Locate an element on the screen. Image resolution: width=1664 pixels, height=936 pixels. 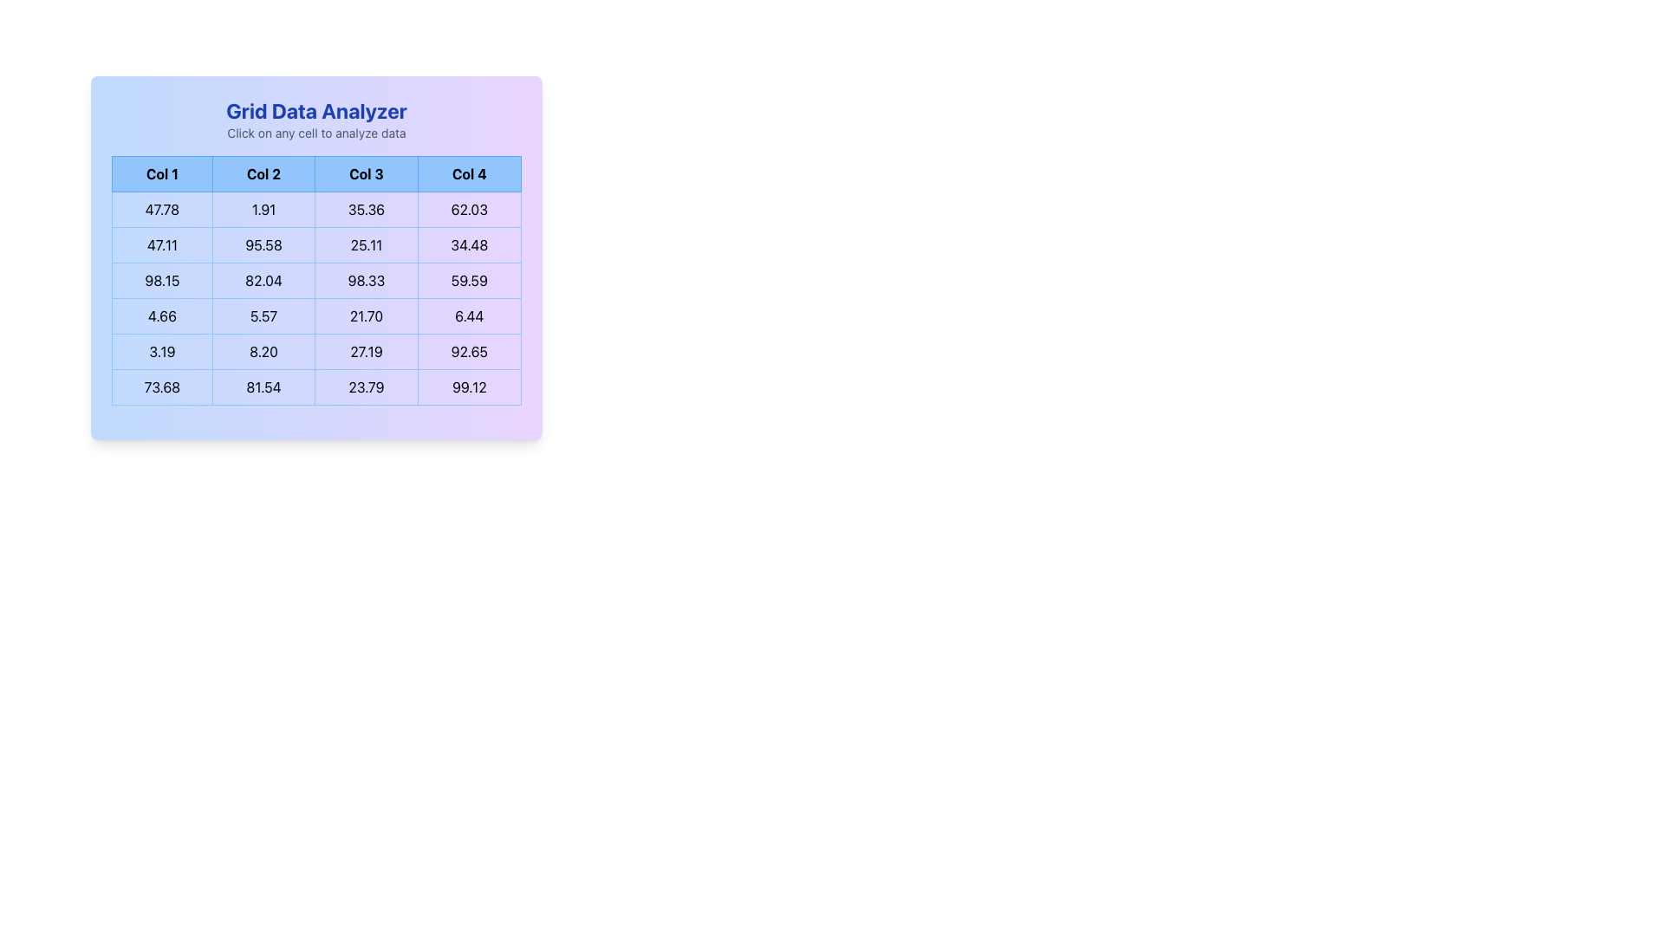
the table cell displaying '21.70' in the third column of the third row for interaction is located at coordinates (365, 316).